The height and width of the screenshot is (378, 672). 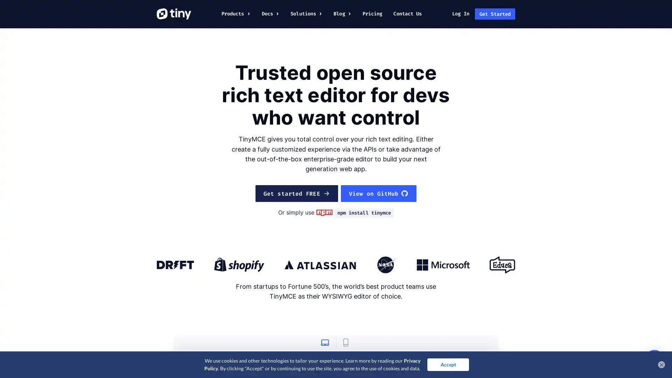 What do you see at coordinates (270, 14) in the screenshot?
I see `Click or tap here to interact with the Docs menu.` at bounding box center [270, 14].